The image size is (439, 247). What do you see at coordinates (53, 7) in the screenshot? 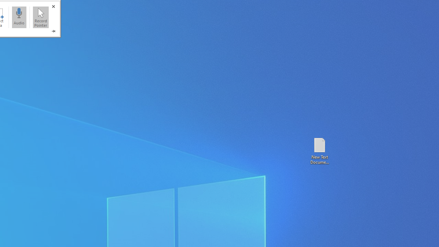
I see `'Close (Windows logo key+Shift+Q)'` at bounding box center [53, 7].